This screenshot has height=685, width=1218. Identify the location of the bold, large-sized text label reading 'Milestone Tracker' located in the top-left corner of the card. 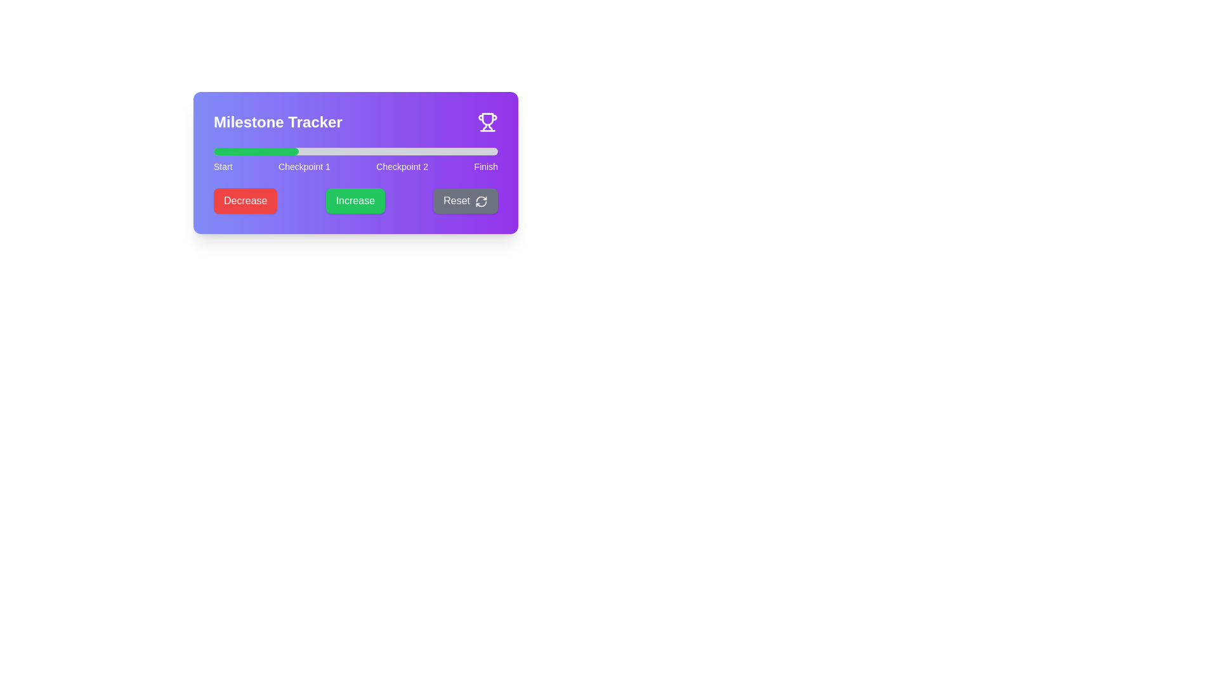
(277, 122).